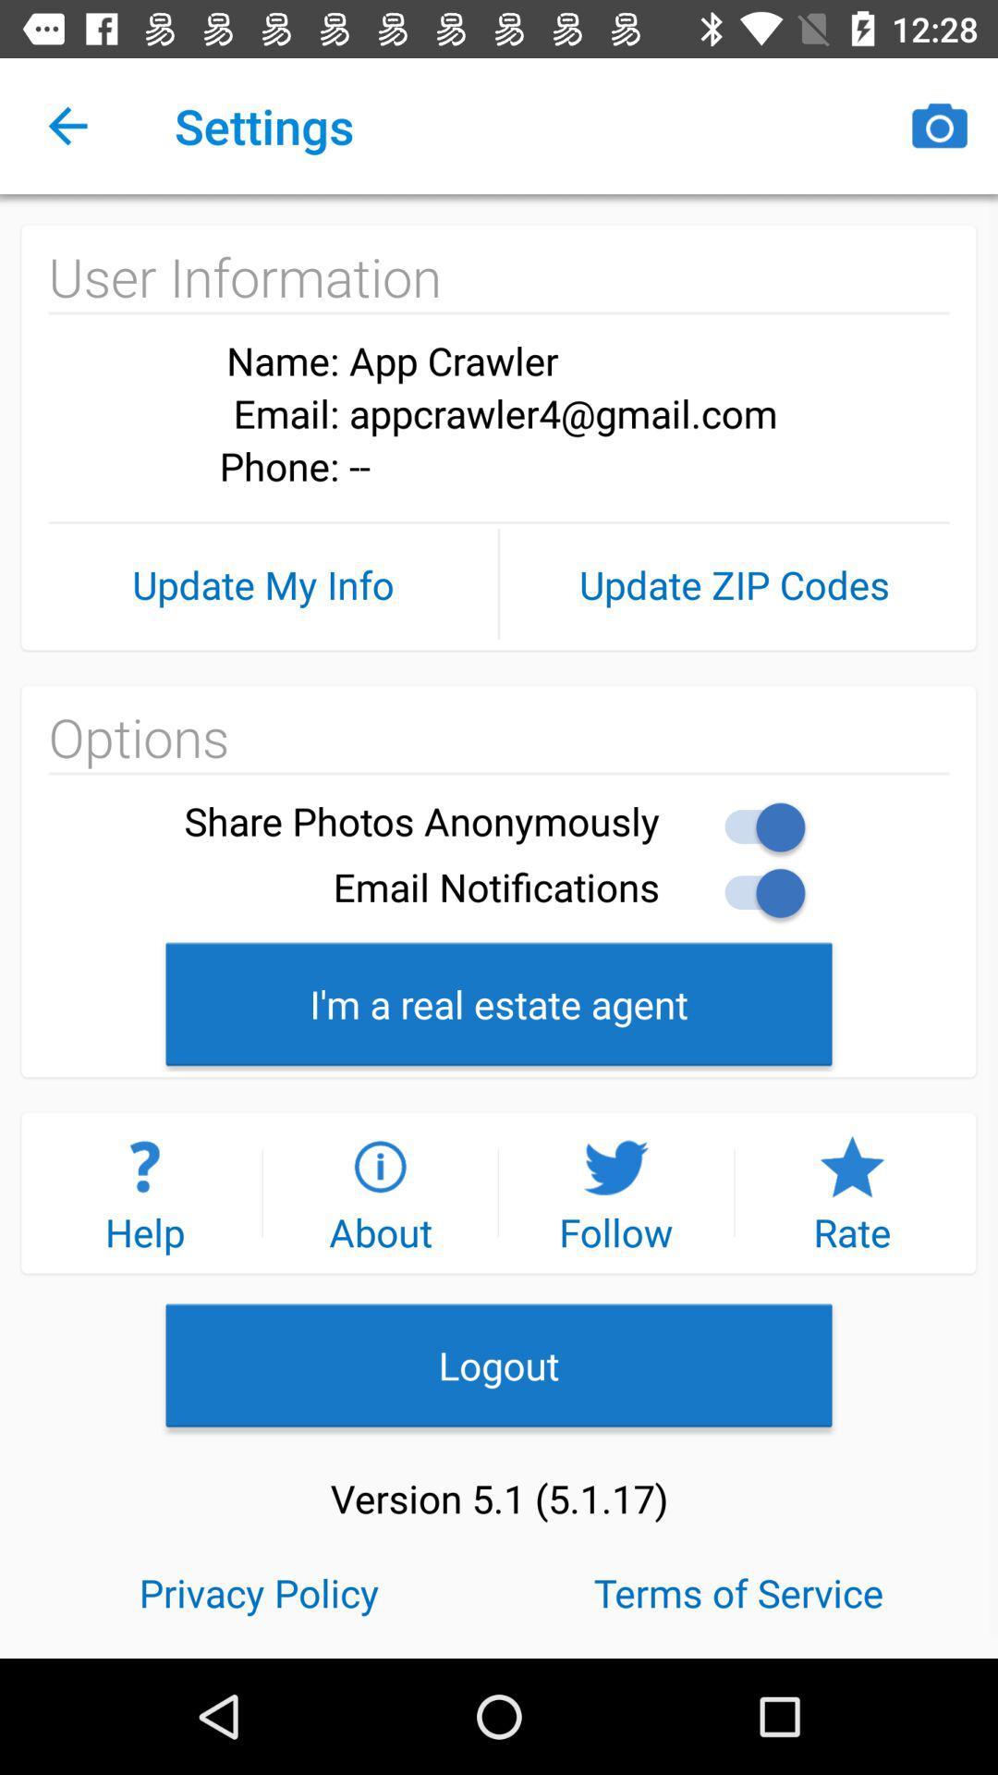 The image size is (998, 1775). Describe the element at coordinates (499, 1002) in the screenshot. I see `the i m a item` at that location.